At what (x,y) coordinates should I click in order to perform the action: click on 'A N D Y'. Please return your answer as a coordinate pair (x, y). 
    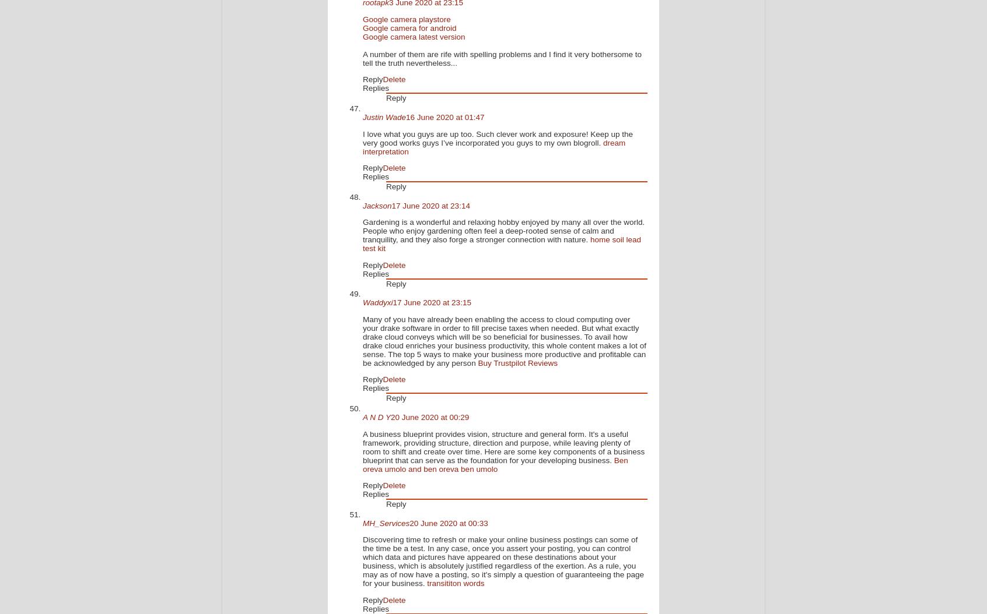
    Looking at the image, I should click on (377, 417).